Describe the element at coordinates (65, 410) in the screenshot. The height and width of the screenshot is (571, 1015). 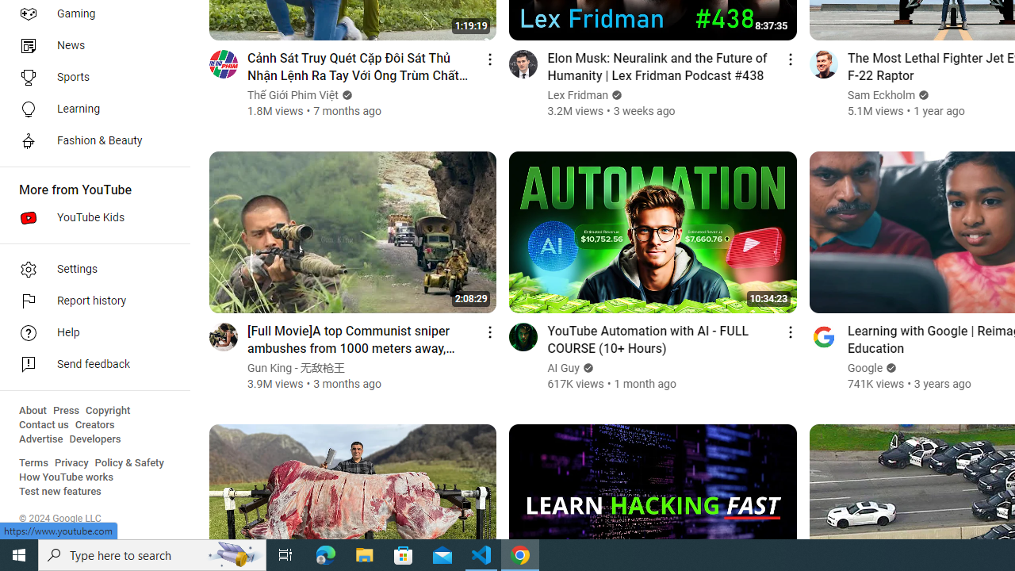
I see `'Press'` at that location.